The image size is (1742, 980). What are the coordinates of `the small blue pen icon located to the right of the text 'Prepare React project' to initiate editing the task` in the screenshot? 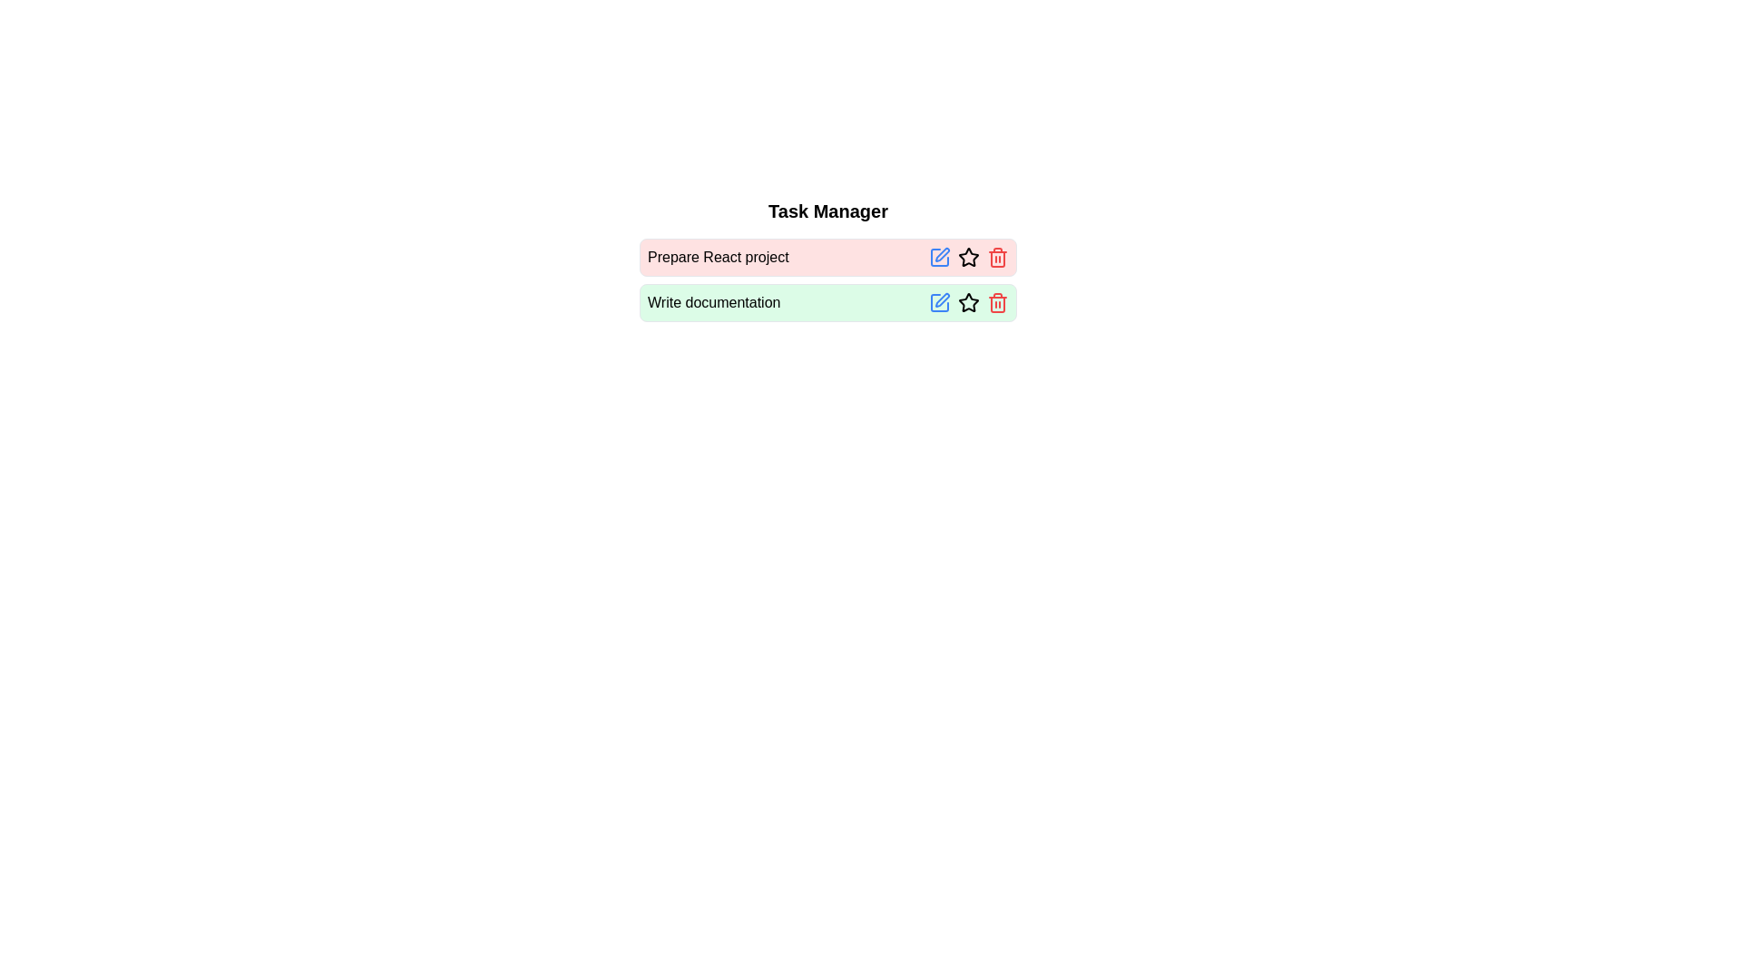 It's located at (940, 258).